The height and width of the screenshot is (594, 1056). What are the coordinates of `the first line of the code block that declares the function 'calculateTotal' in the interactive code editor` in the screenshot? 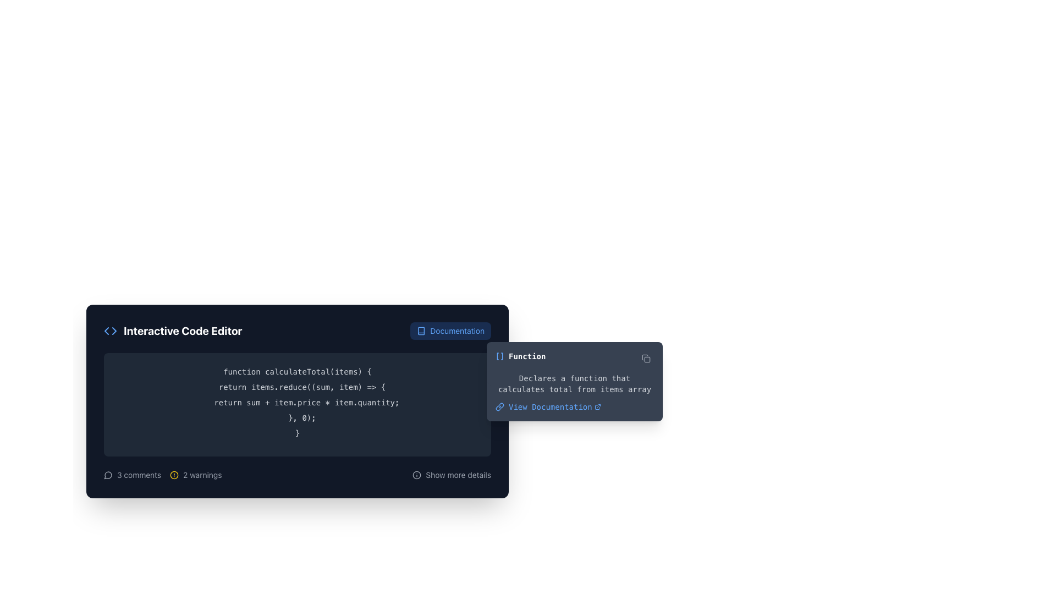 It's located at (298, 371).